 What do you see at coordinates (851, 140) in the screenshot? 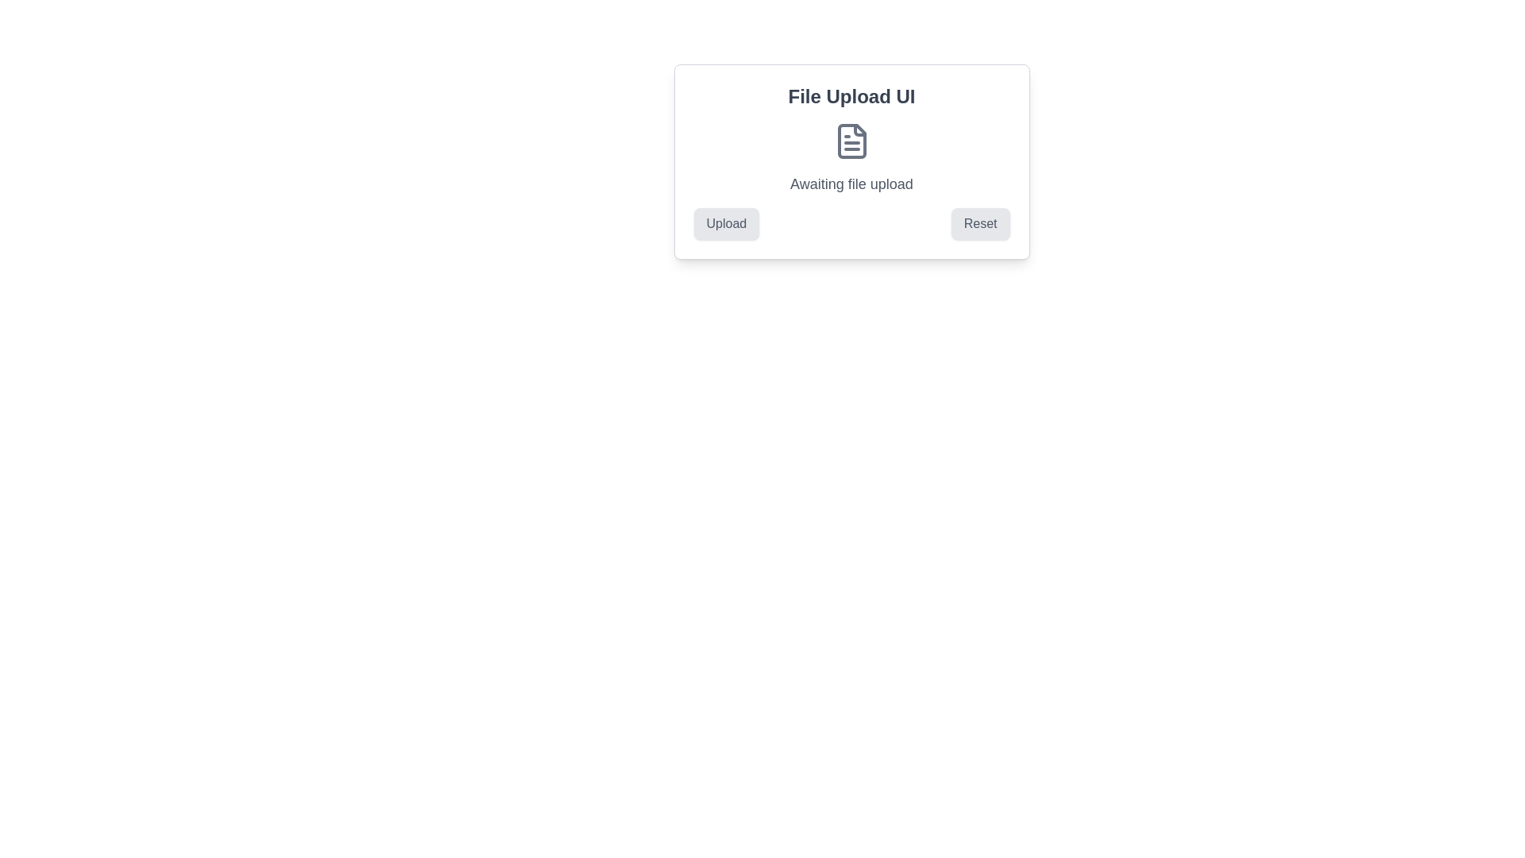
I see `the gray document icon with a folded corner located centrally under the 'File Upload UI' title` at bounding box center [851, 140].